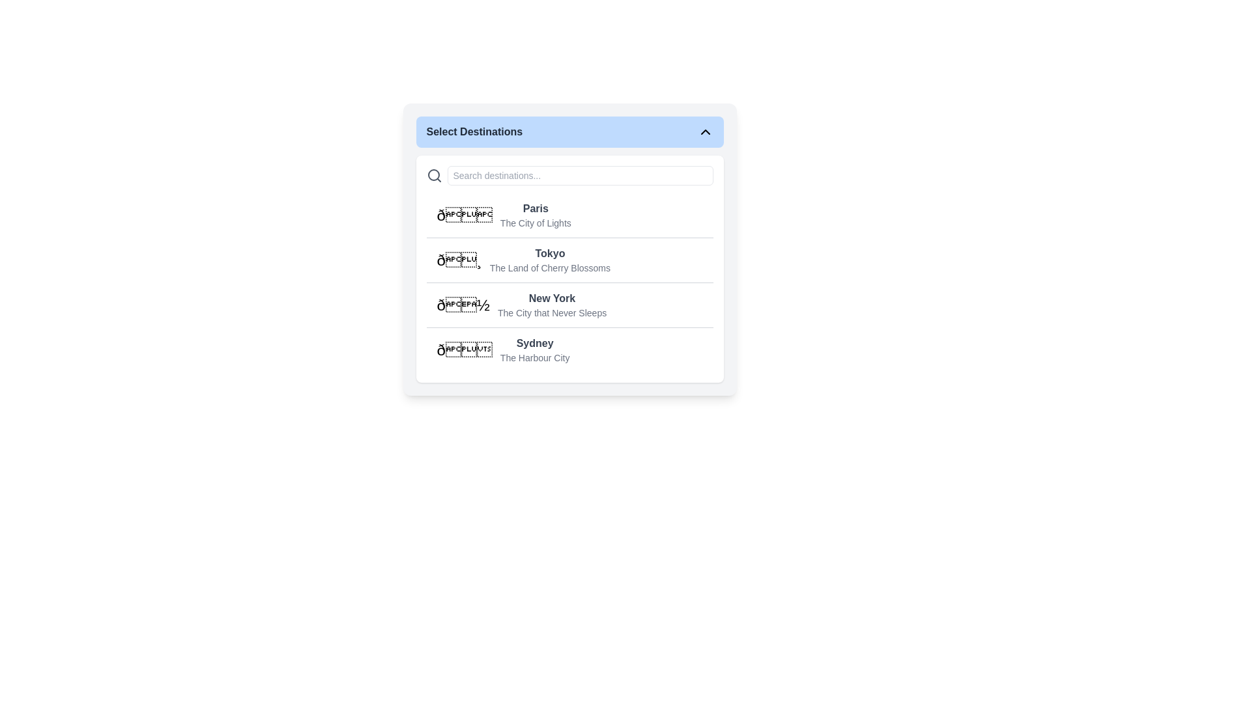 The image size is (1251, 703). Describe the element at coordinates (569, 260) in the screenshot. I see `the list item representing 'Tokyo' in the dropdown panel titled 'Select Destinations'` at that location.